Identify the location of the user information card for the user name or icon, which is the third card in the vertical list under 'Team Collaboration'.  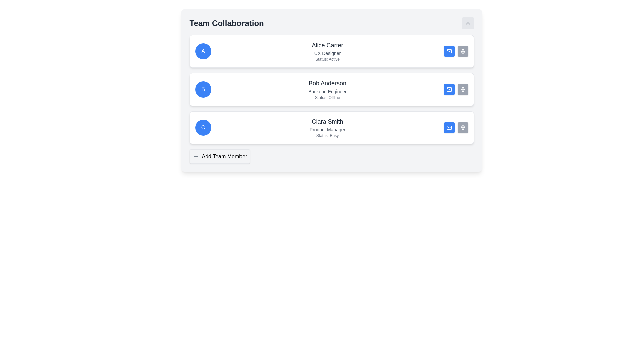
(331, 128).